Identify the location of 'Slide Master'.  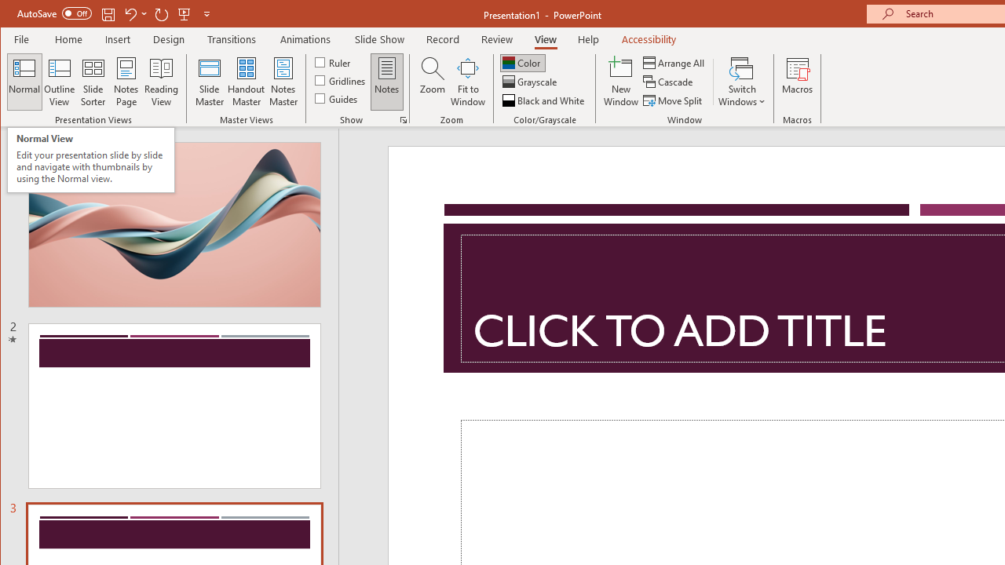
(208, 82).